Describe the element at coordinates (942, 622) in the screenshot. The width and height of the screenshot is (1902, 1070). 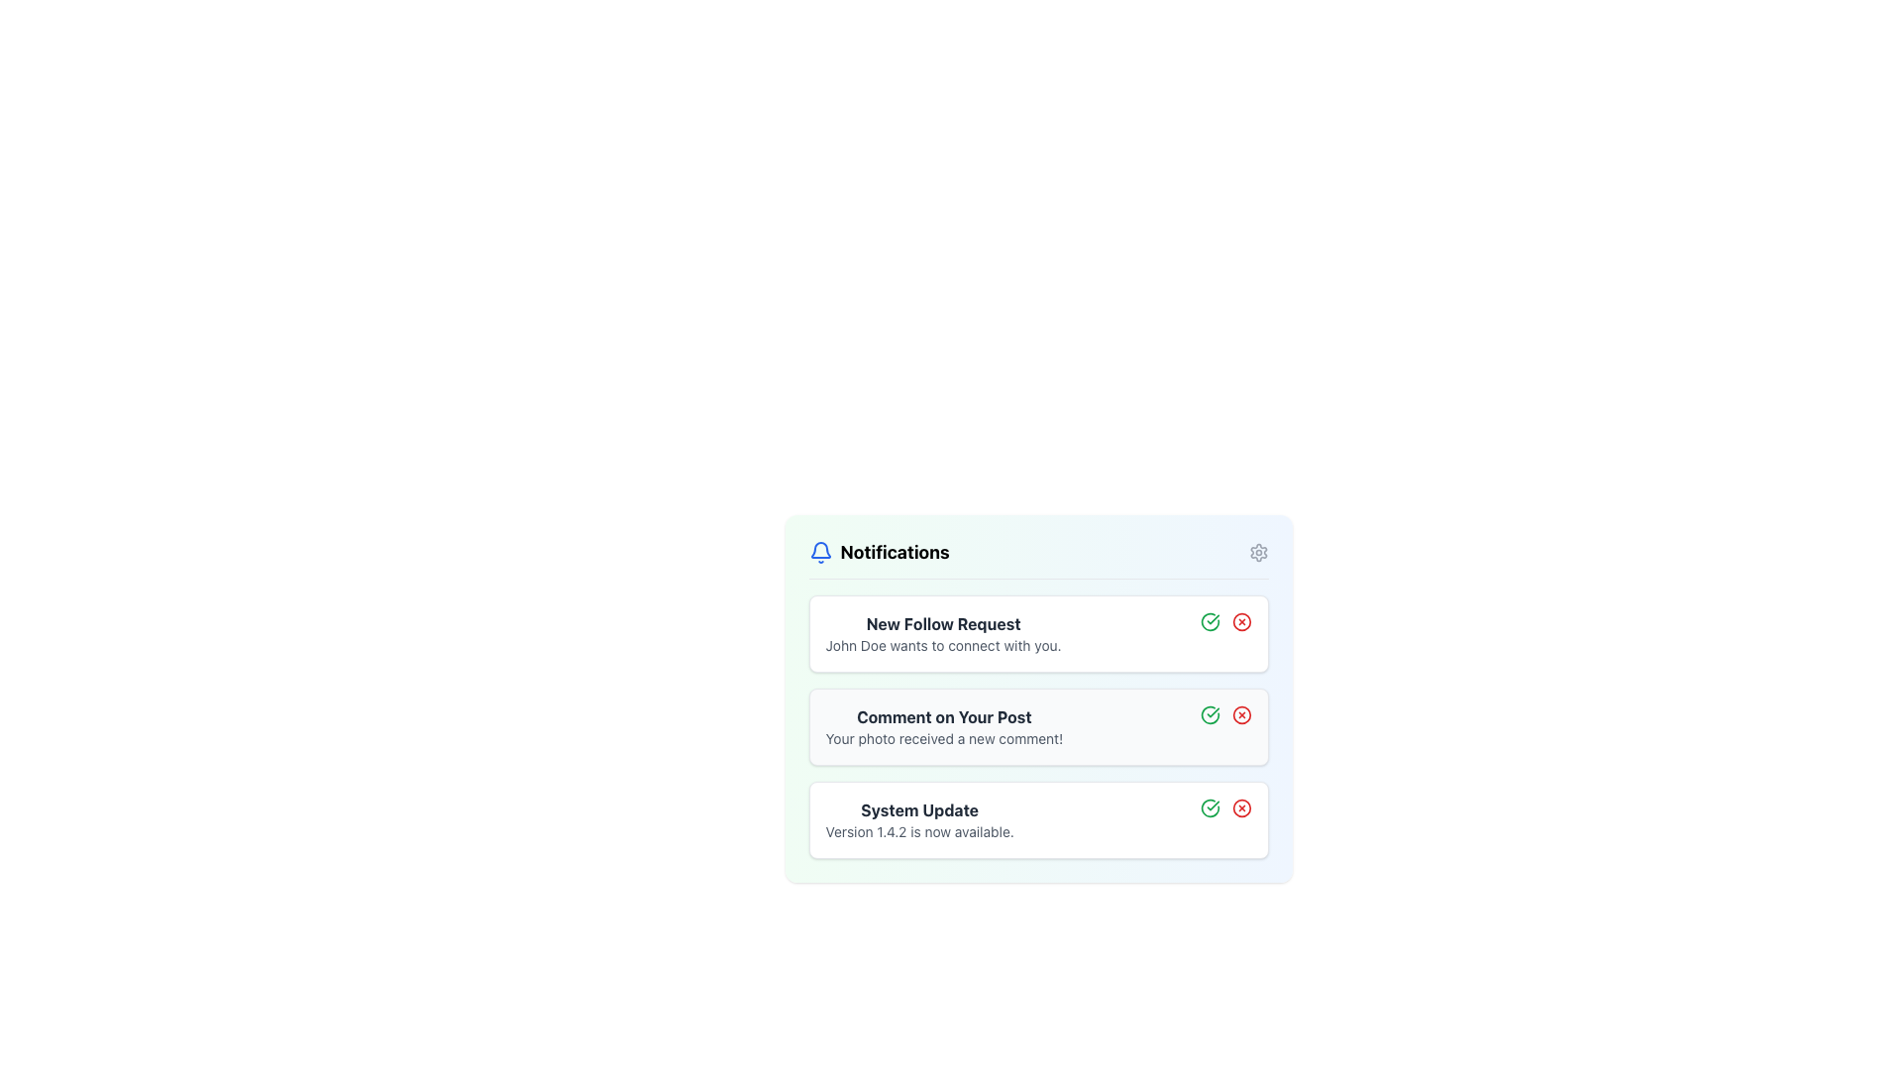
I see `the Text Label that serves as the title for the notification, located at the top center of the first notification card, which summarizes the type of notification` at that location.